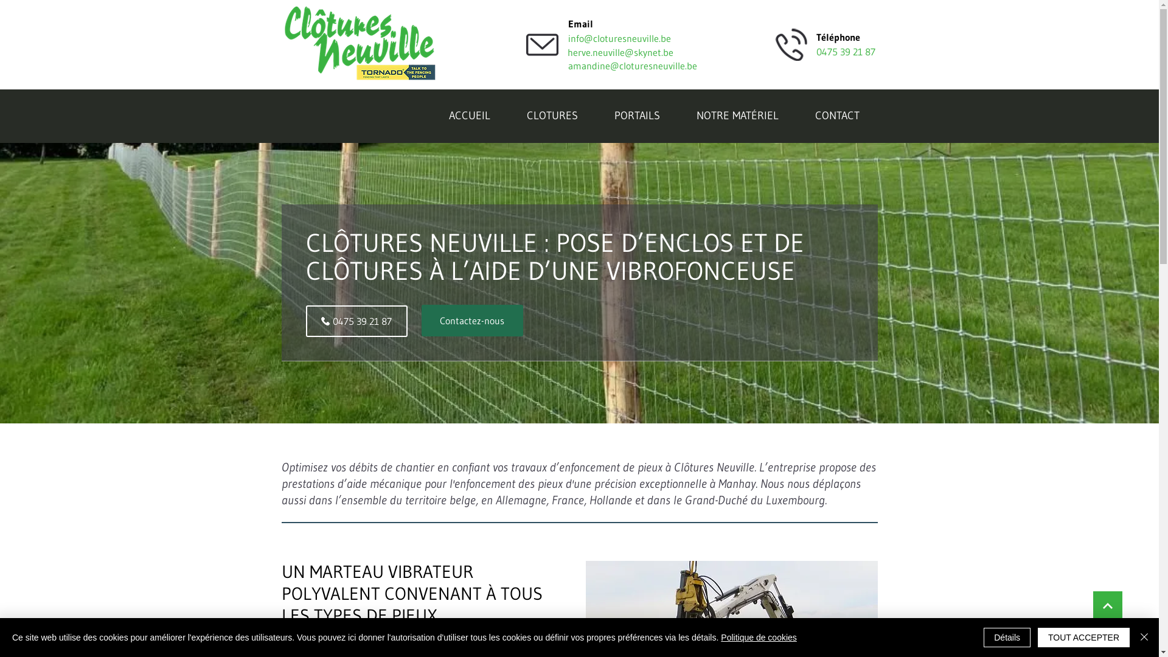 The height and width of the screenshot is (657, 1168). What do you see at coordinates (1037, 637) in the screenshot?
I see `'TOUT ACCEPTER'` at bounding box center [1037, 637].